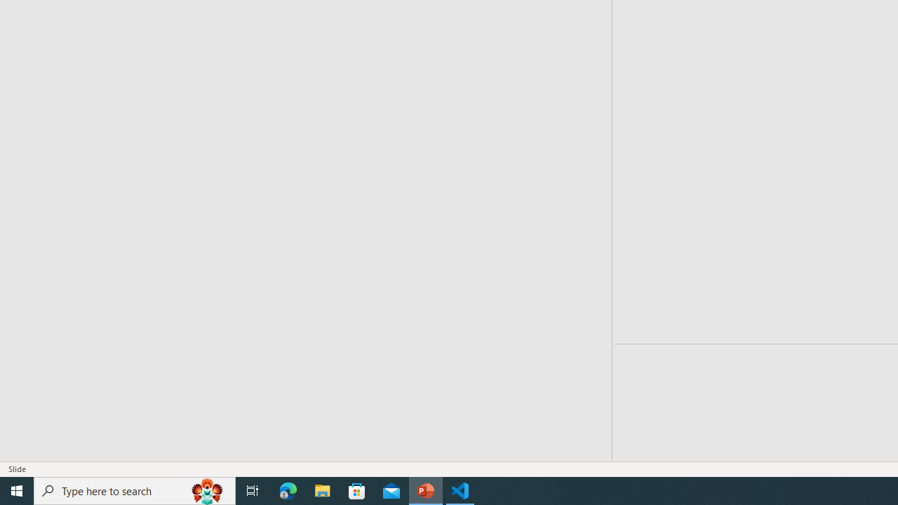 The image size is (898, 505). What do you see at coordinates (17, 490) in the screenshot?
I see `'Start'` at bounding box center [17, 490].